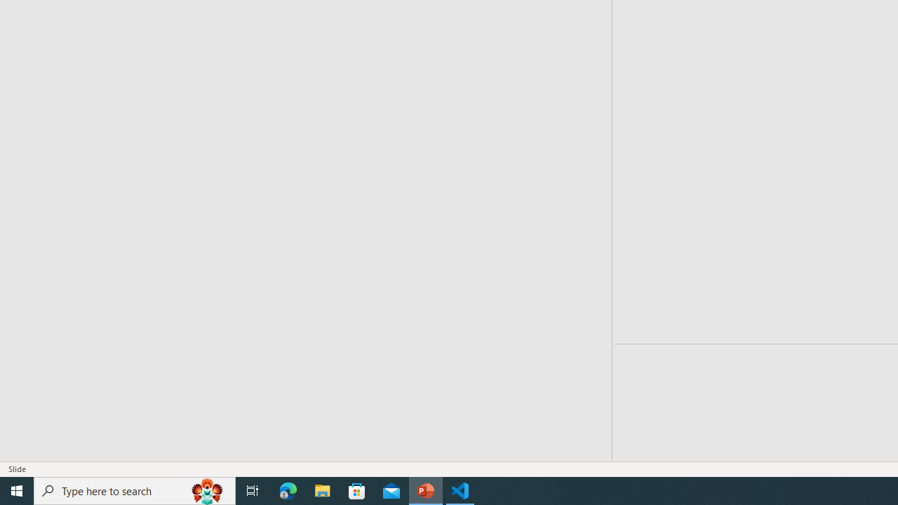 The image size is (898, 505). What do you see at coordinates (17, 490) in the screenshot?
I see `'Start'` at bounding box center [17, 490].